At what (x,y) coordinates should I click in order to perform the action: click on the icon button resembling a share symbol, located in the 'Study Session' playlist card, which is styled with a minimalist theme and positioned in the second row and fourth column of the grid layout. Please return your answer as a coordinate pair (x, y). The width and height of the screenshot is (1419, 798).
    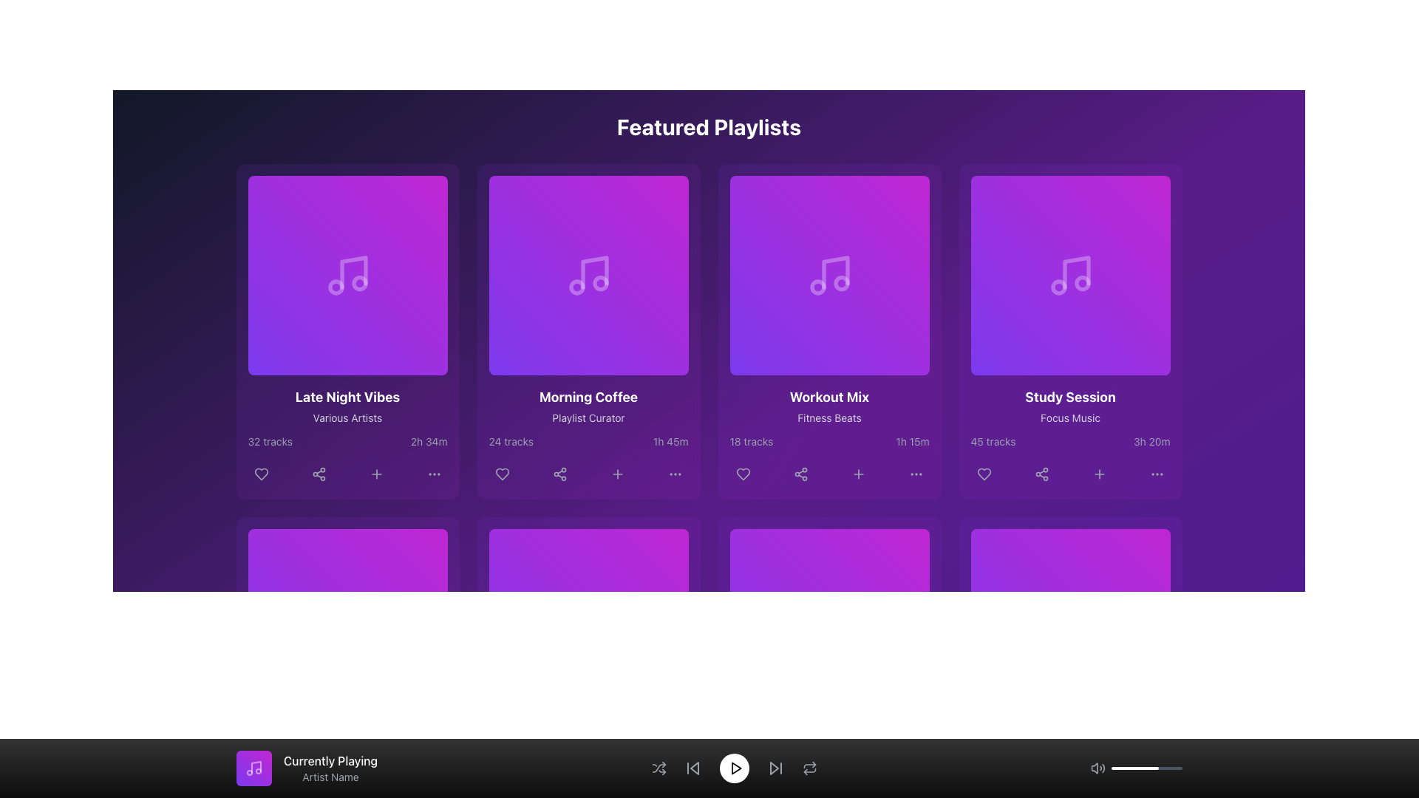
    Looking at the image, I should click on (1041, 474).